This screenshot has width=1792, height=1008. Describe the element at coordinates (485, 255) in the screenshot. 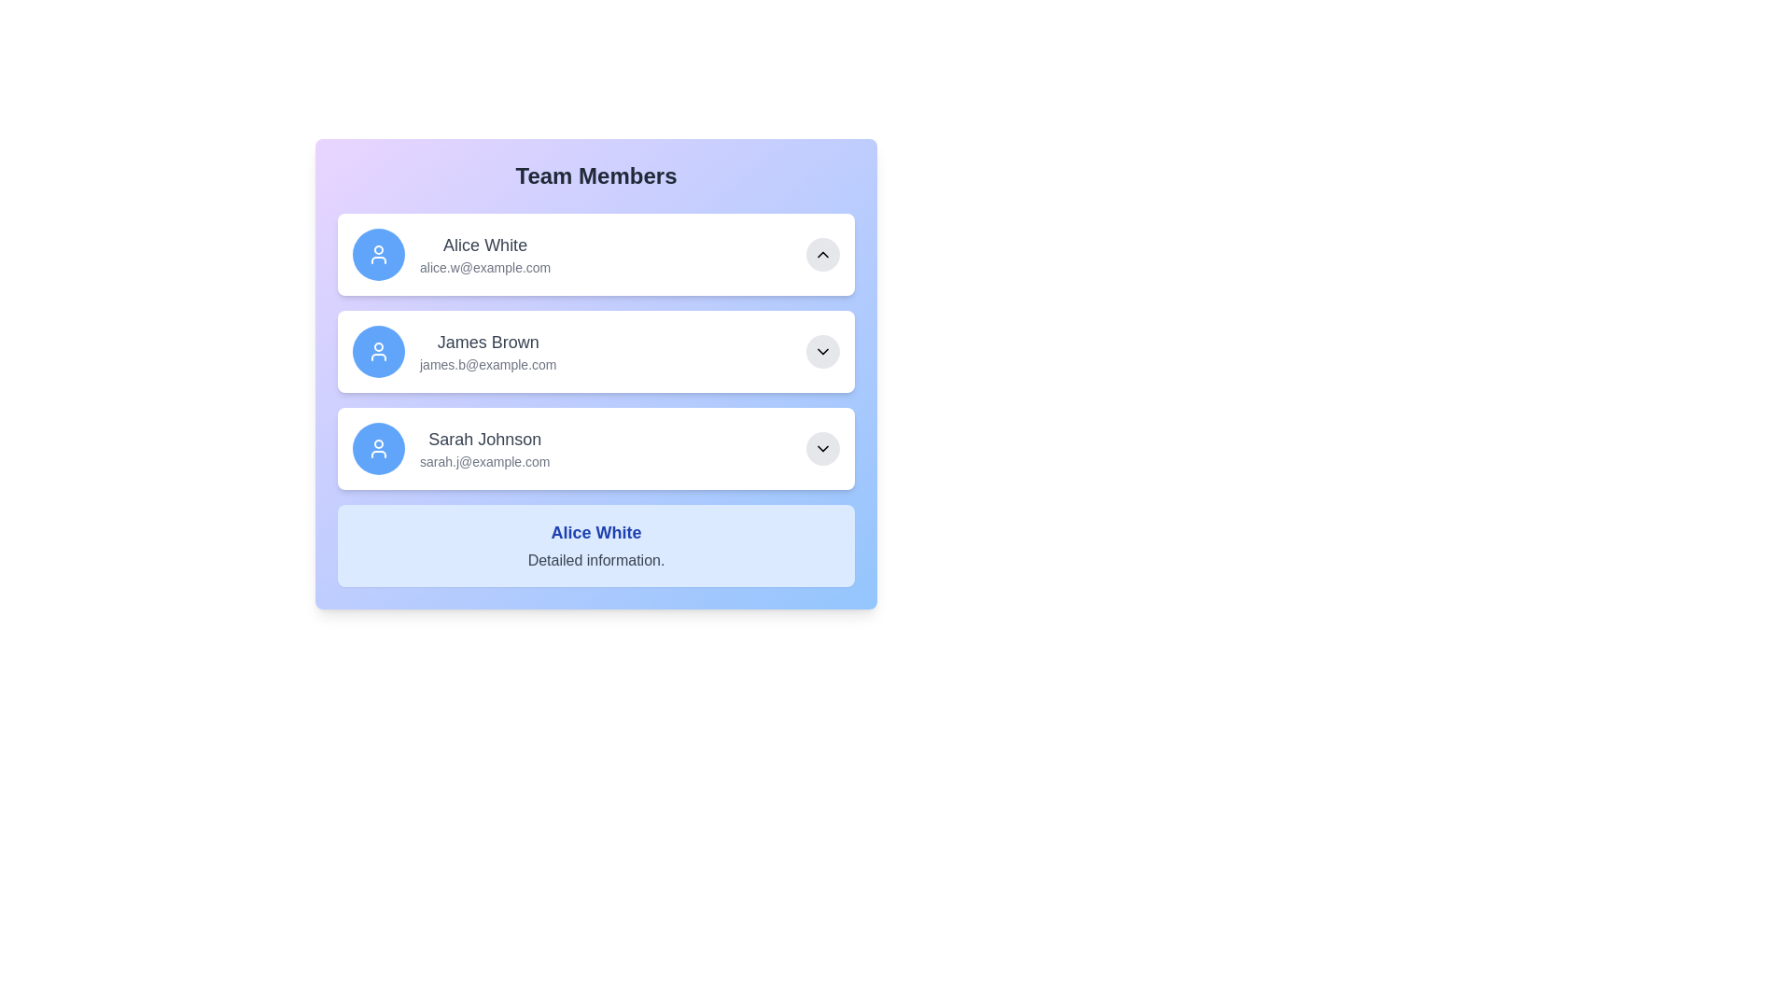

I see `the text display component that shows a user's name and email address, located in the first row of the team member list, to the right of a circular blue icon with a user symbol` at that location.